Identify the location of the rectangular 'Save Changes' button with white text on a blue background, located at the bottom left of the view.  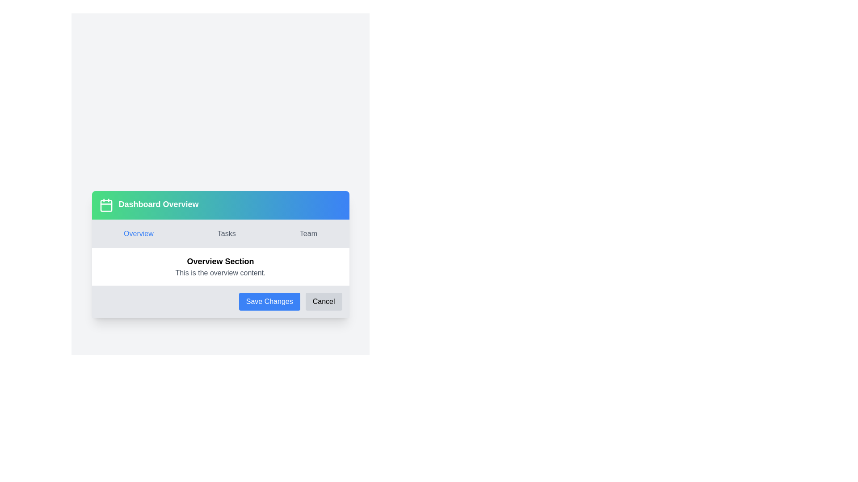
(269, 301).